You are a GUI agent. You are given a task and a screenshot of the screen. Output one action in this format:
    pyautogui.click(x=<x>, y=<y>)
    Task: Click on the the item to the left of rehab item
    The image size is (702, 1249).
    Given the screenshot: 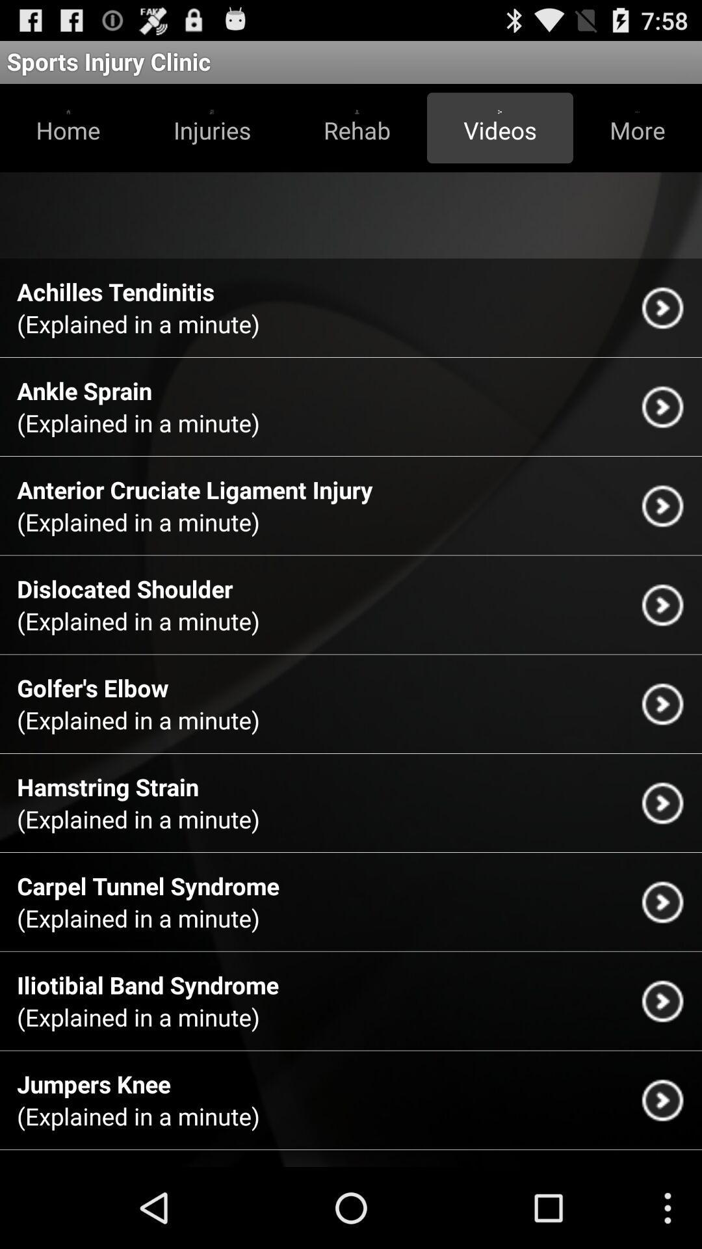 What is the action you would take?
    pyautogui.click(x=211, y=128)
    